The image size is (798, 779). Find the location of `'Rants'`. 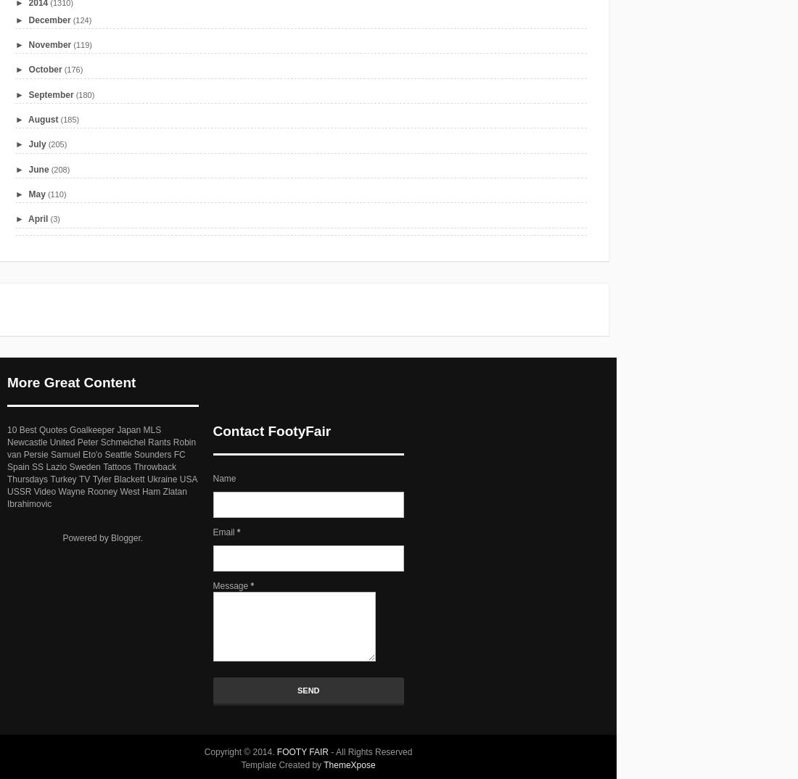

'Rants' is located at coordinates (147, 441).